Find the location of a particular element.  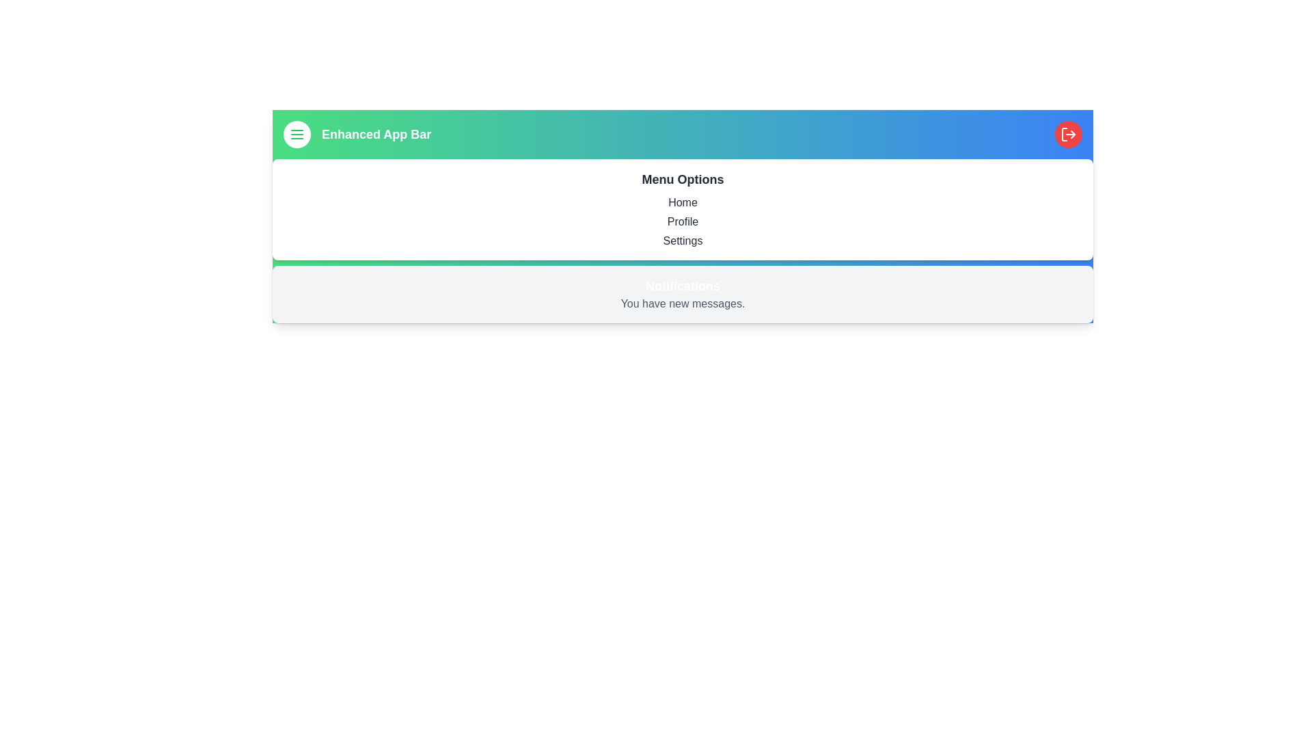

the menu option Profile to navigate to the respective page is located at coordinates (683, 221).